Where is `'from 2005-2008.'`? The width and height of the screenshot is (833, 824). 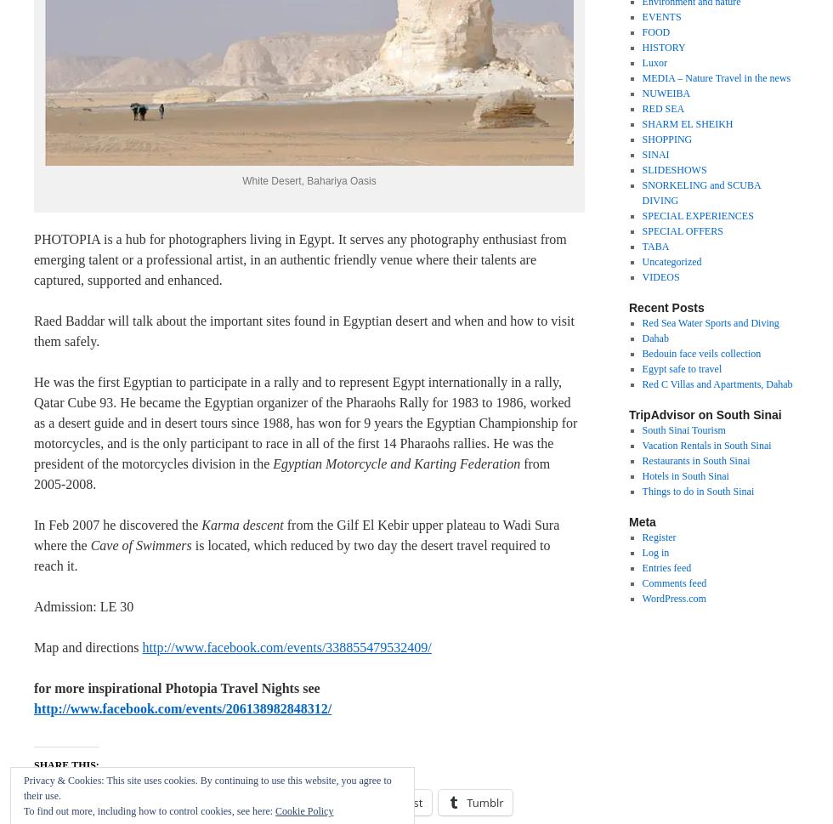 'from 2005-2008.' is located at coordinates (292, 474).